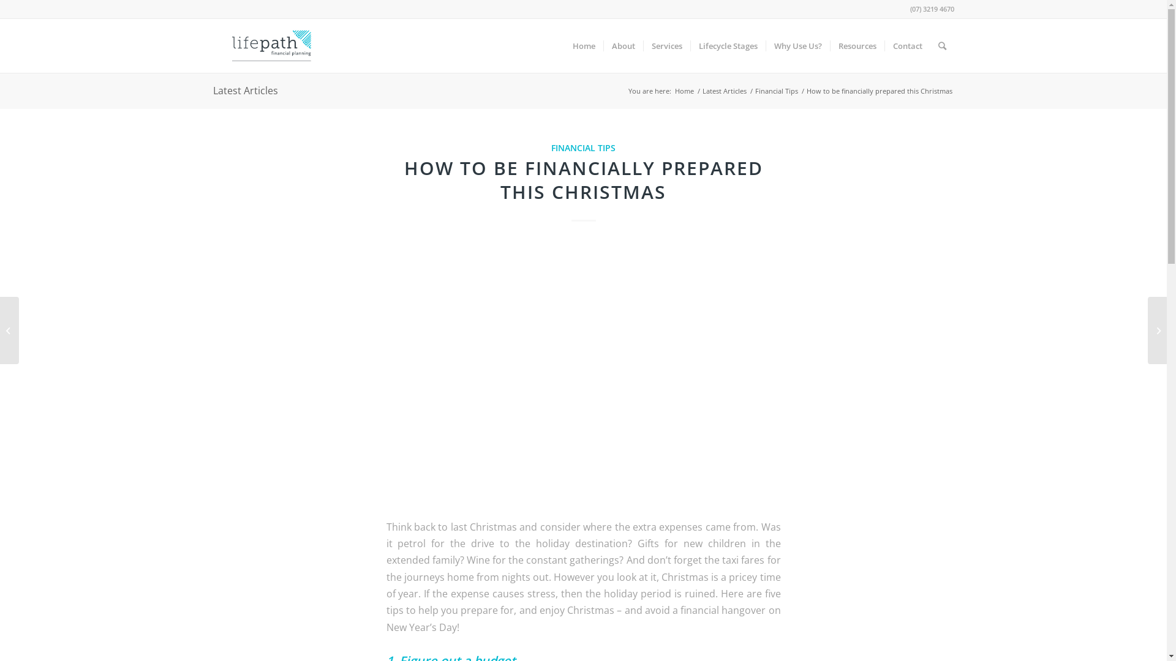 The width and height of the screenshot is (1176, 661). What do you see at coordinates (666, 45) in the screenshot?
I see `'Services'` at bounding box center [666, 45].